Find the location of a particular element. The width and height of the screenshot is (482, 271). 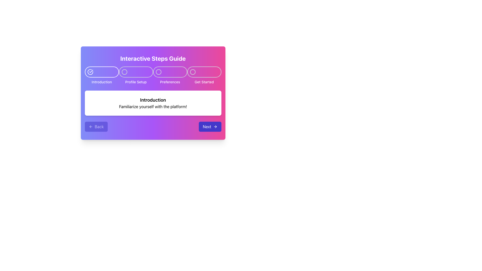

the checkmark icon inside the circular progress indicator associated with the 'Introduction' step is located at coordinates (91, 71).